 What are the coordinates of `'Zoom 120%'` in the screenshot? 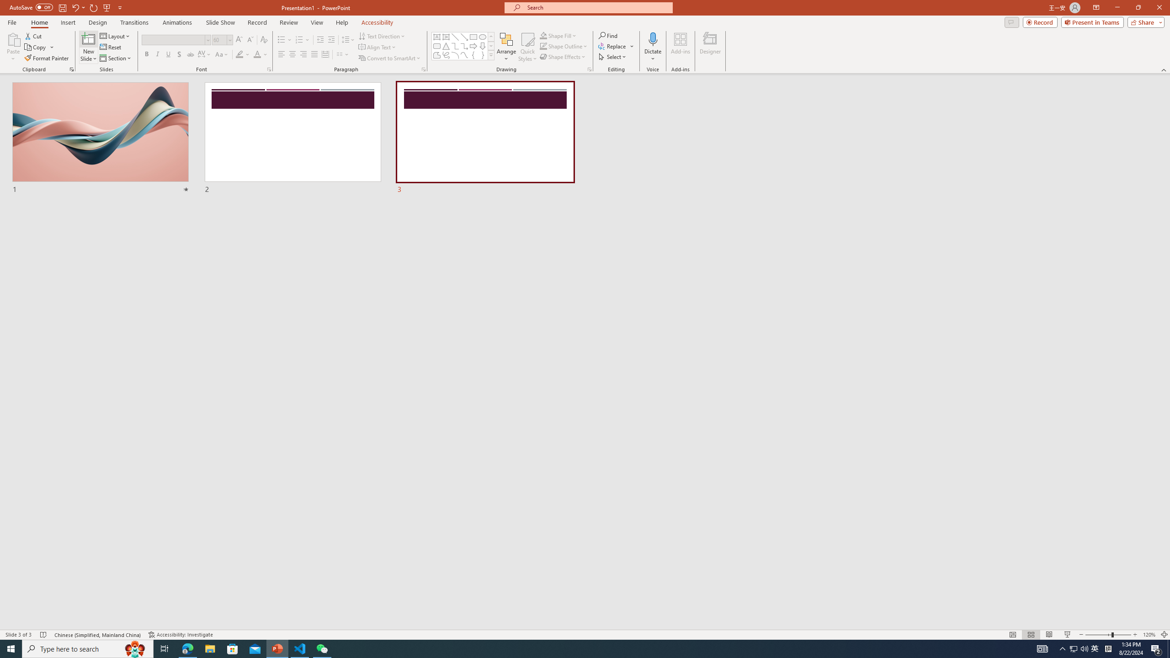 It's located at (1149, 635).